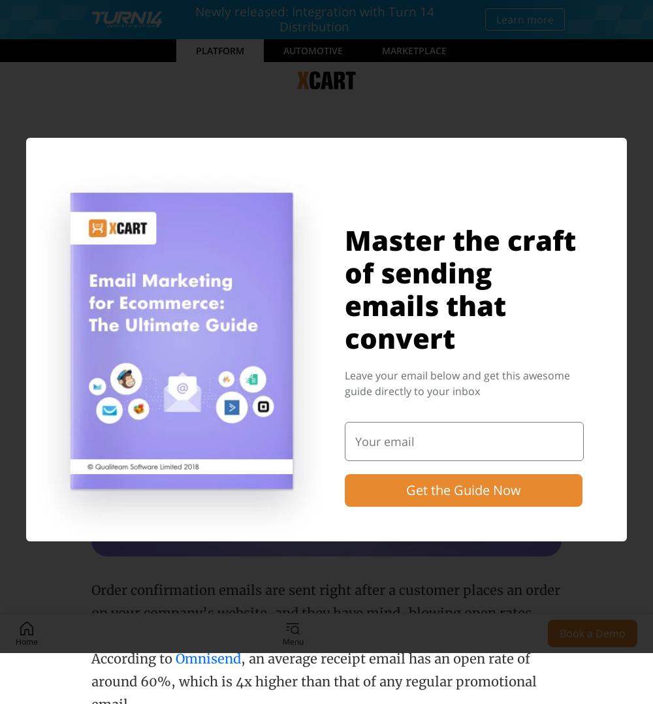 The height and width of the screenshot is (704, 653). Describe the element at coordinates (524, 18) in the screenshot. I see `'Learn more'` at that location.